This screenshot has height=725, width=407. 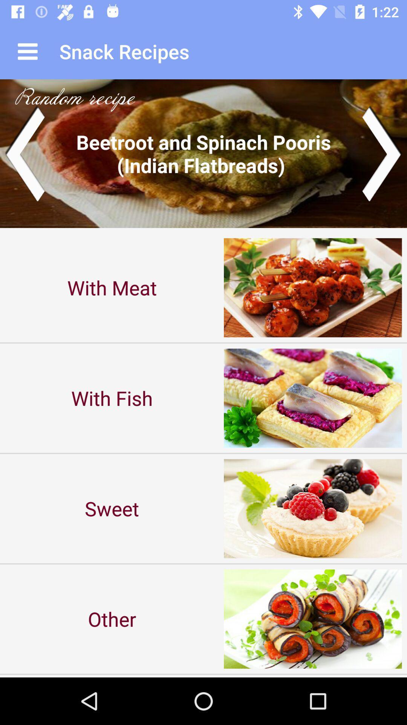 I want to click on app to the left of the snack recipes app, so click(x=27, y=51).